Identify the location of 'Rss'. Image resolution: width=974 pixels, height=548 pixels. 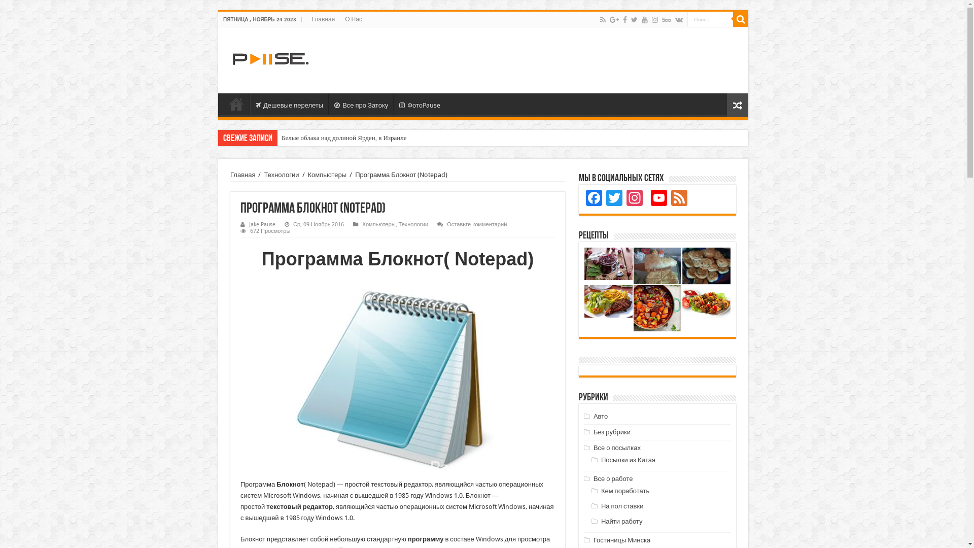
(603, 19).